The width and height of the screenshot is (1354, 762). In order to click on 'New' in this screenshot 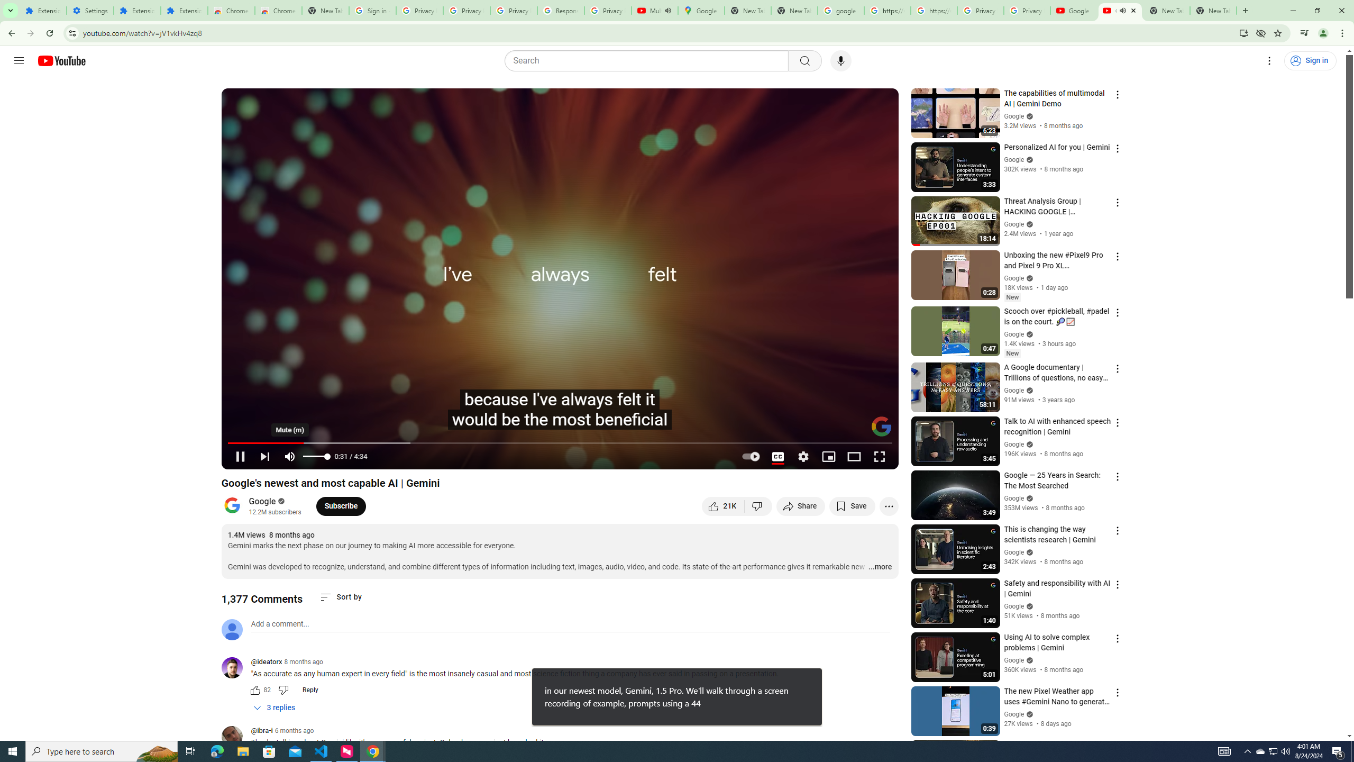, I will do `click(1011, 353)`.